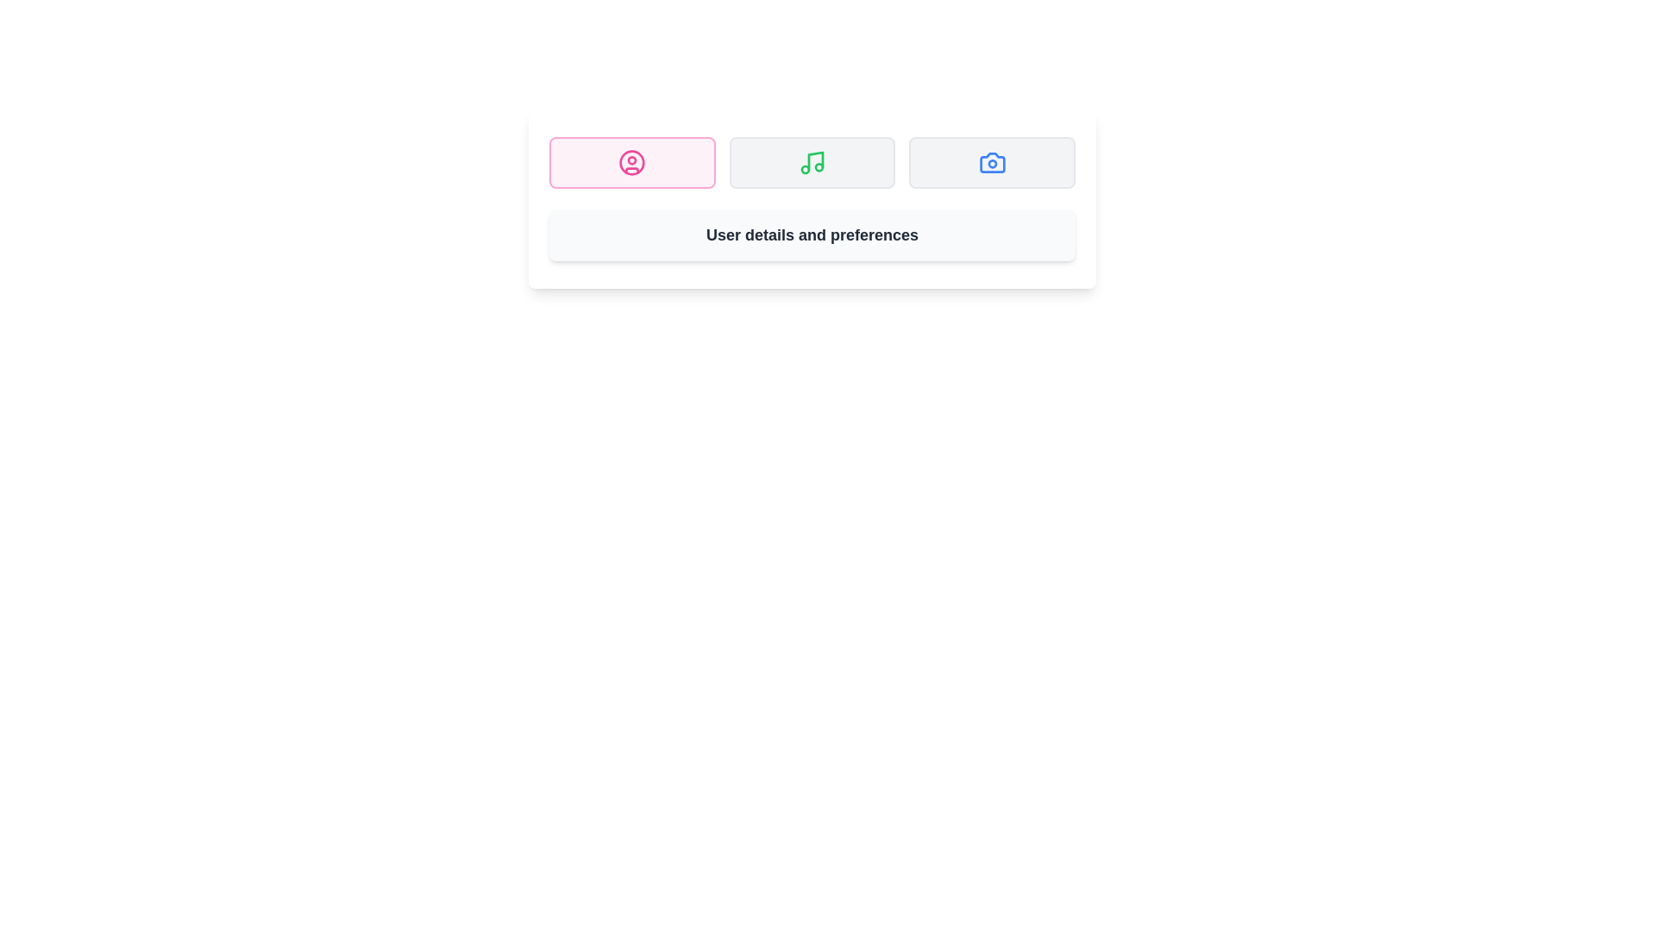 The image size is (1656, 931). What do you see at coordinates (631, 163) in the screenshot?
I see `the tab corresponding to Profile to observe the icon and color changes` at bounding box center [631, 163].